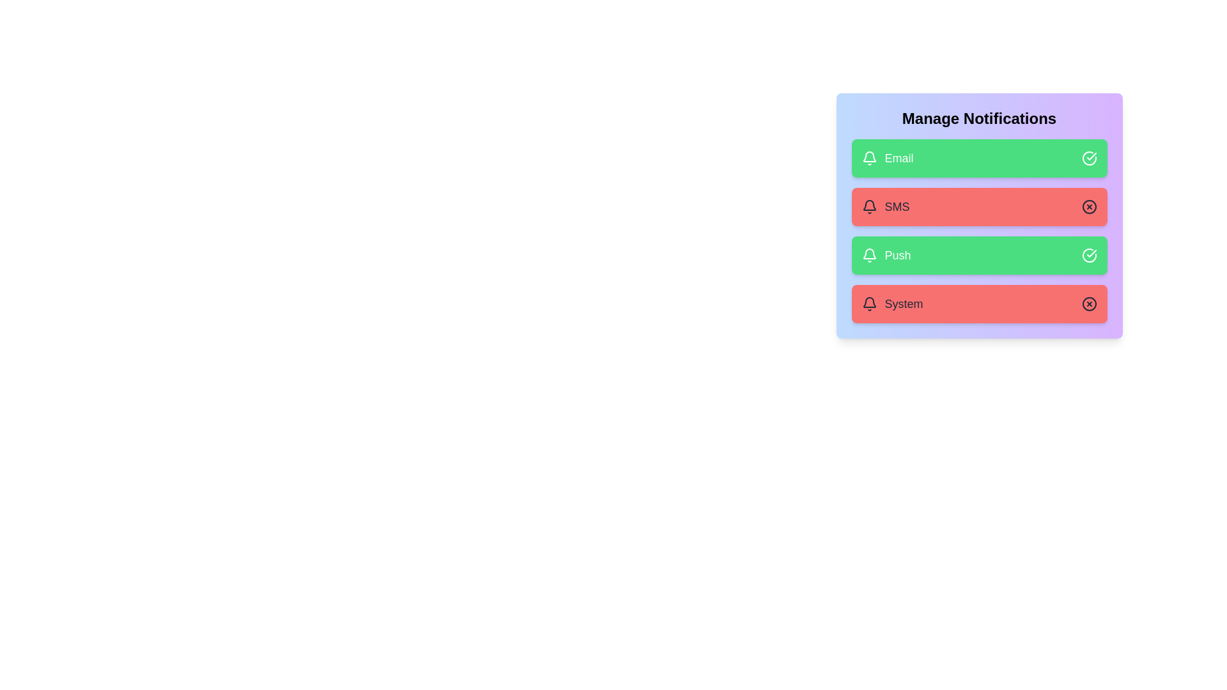 The height and width of the screenshot is (690, 1227). What do you see at coordinates (978, 118) in the screenshot?
I see `the title 'Manage Notifications' to focus or select text` at bounding box center [978, 118].